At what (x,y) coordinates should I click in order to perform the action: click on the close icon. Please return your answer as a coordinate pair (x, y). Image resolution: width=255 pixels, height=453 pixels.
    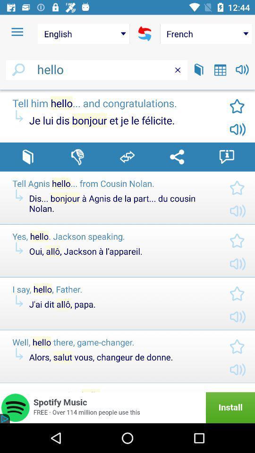
    Looking at the image, I should click on (178, 69).